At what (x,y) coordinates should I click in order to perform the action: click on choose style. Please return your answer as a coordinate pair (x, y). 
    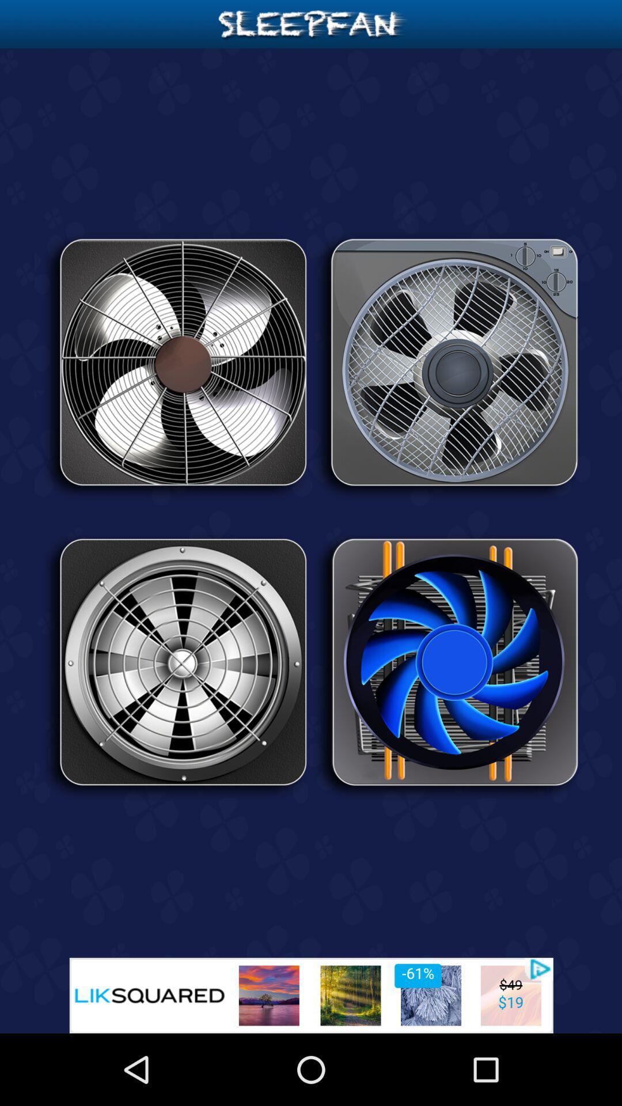
    Looking at the image, I should click on (175, 366).